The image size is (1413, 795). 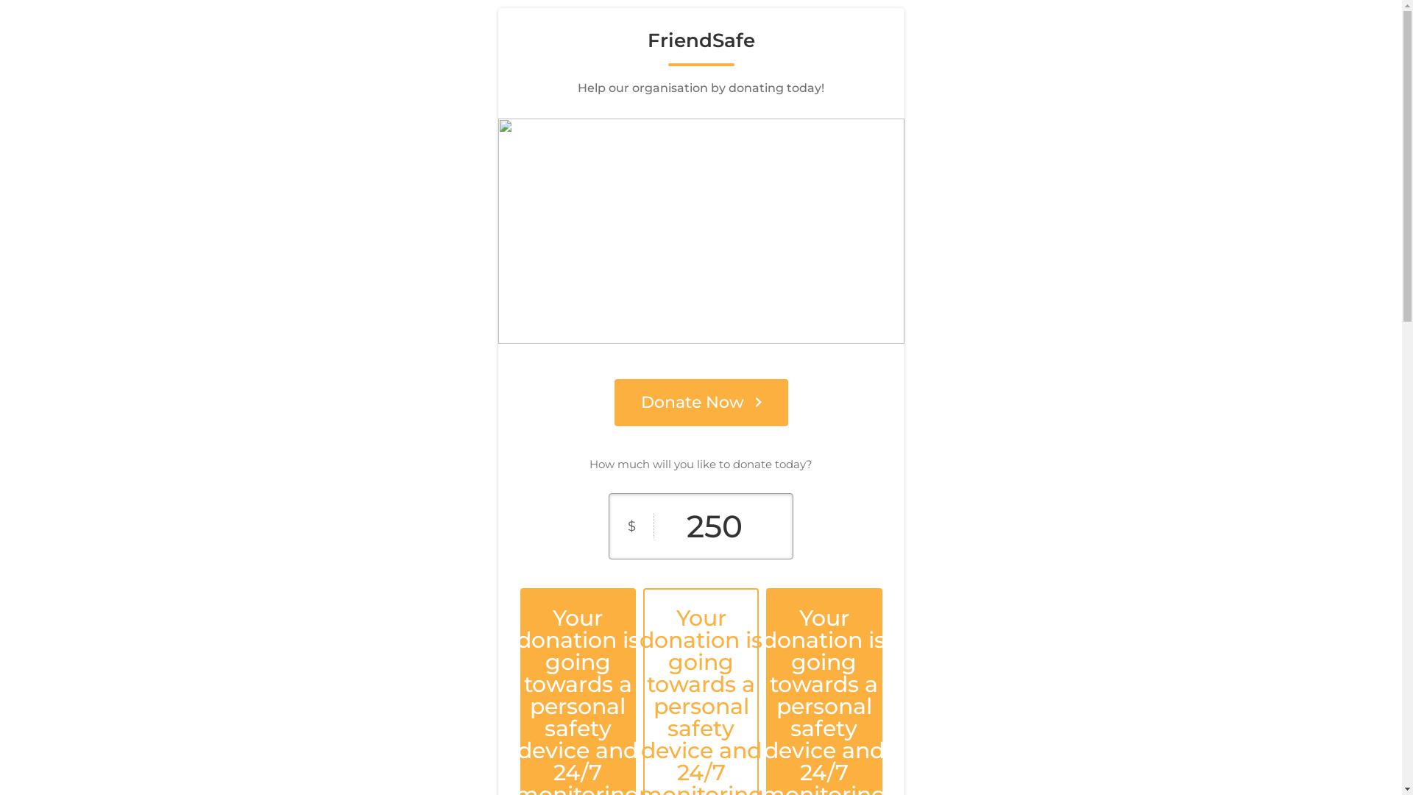 What do you see at coordinates (699, 403) in the screenshot?
I see `'Donate Now'` at bounding box center [699, 403].